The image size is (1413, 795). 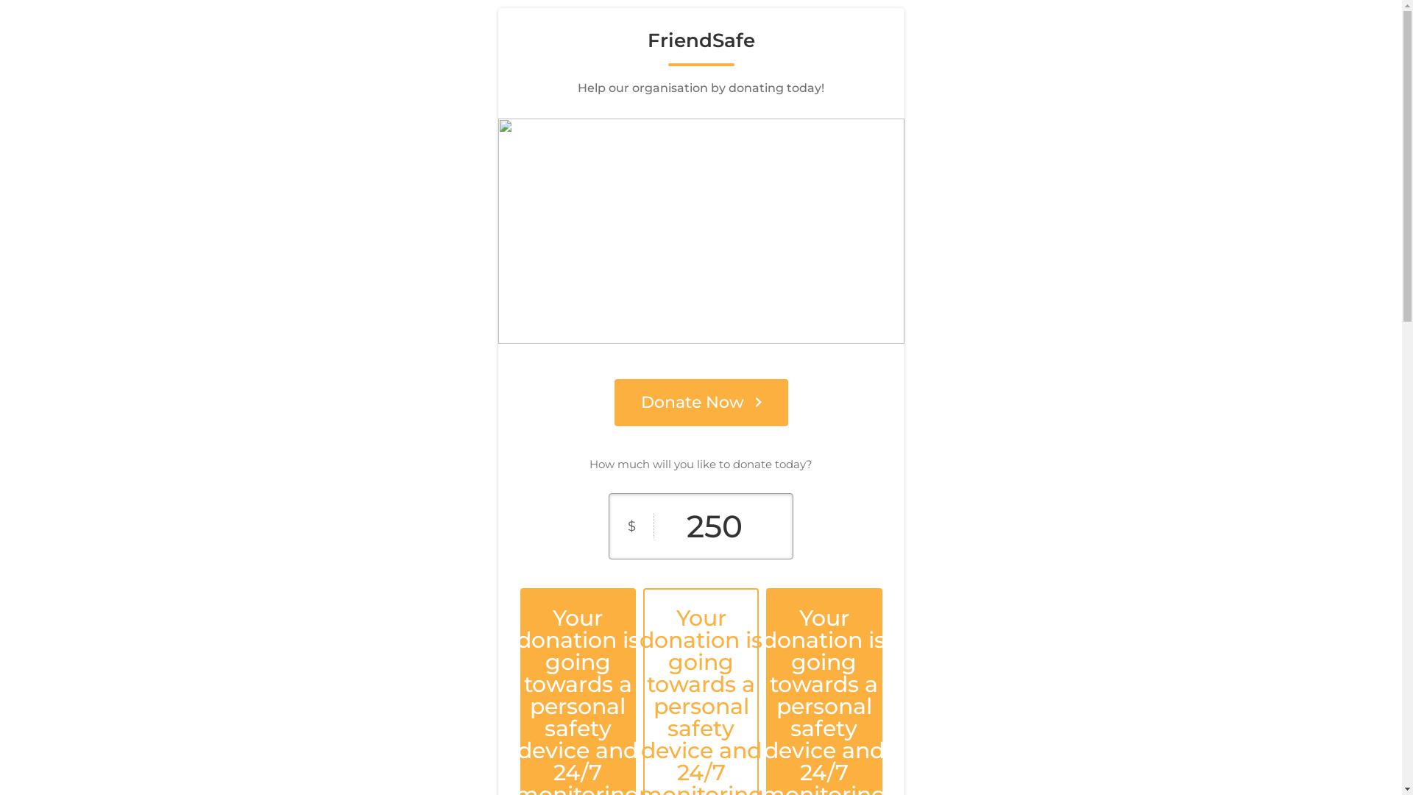 What do you see at coordinates (699, 403) in the screenshot?
I see `'Donate Now'` at bounding box center [699, 403].